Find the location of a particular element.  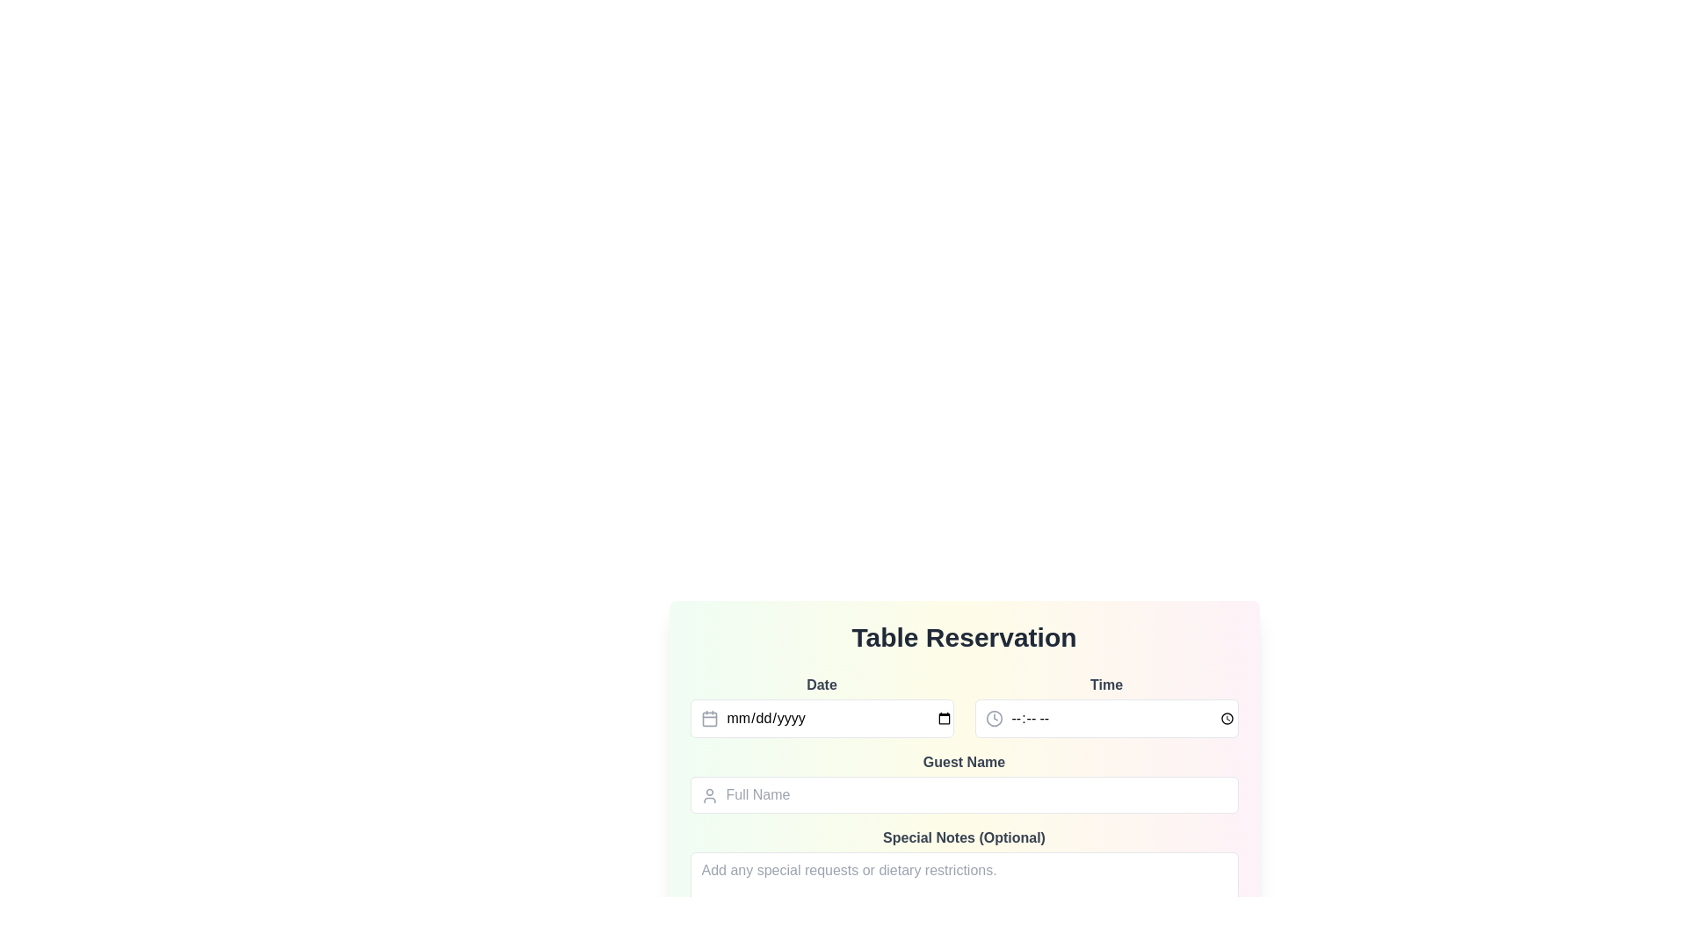

the user icon located to the left of the Full Name input field in the Guest Name section of the Table Reservation form is located at coordinates (709, 796).